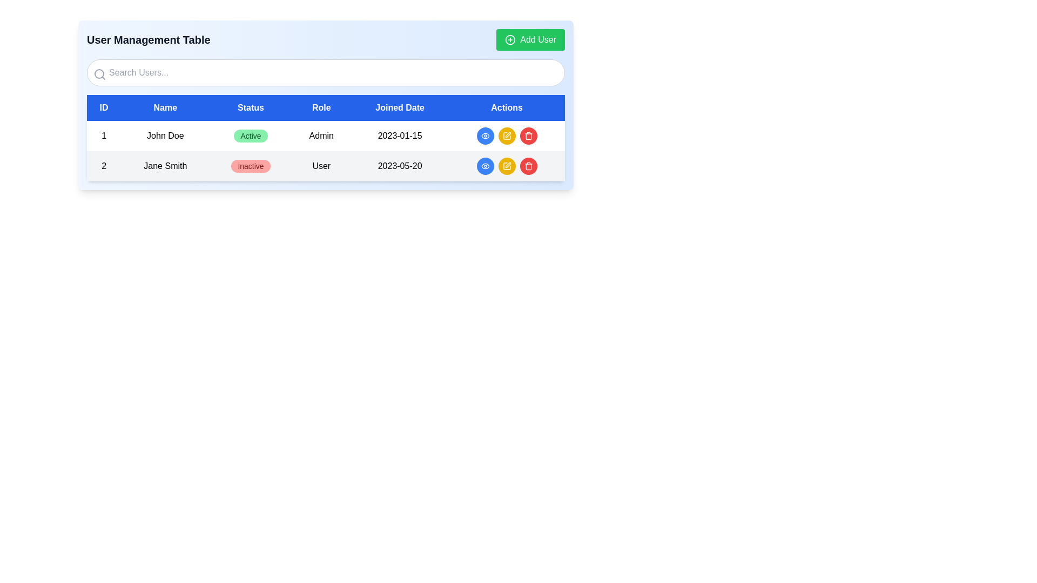 This screenshot has width=1037, height=583. Describe the element at coordinates (484, 135) in the screenshot. I see `the circular blue button with a white eye icon in the first row of the Actions column in the user management table` at that location.